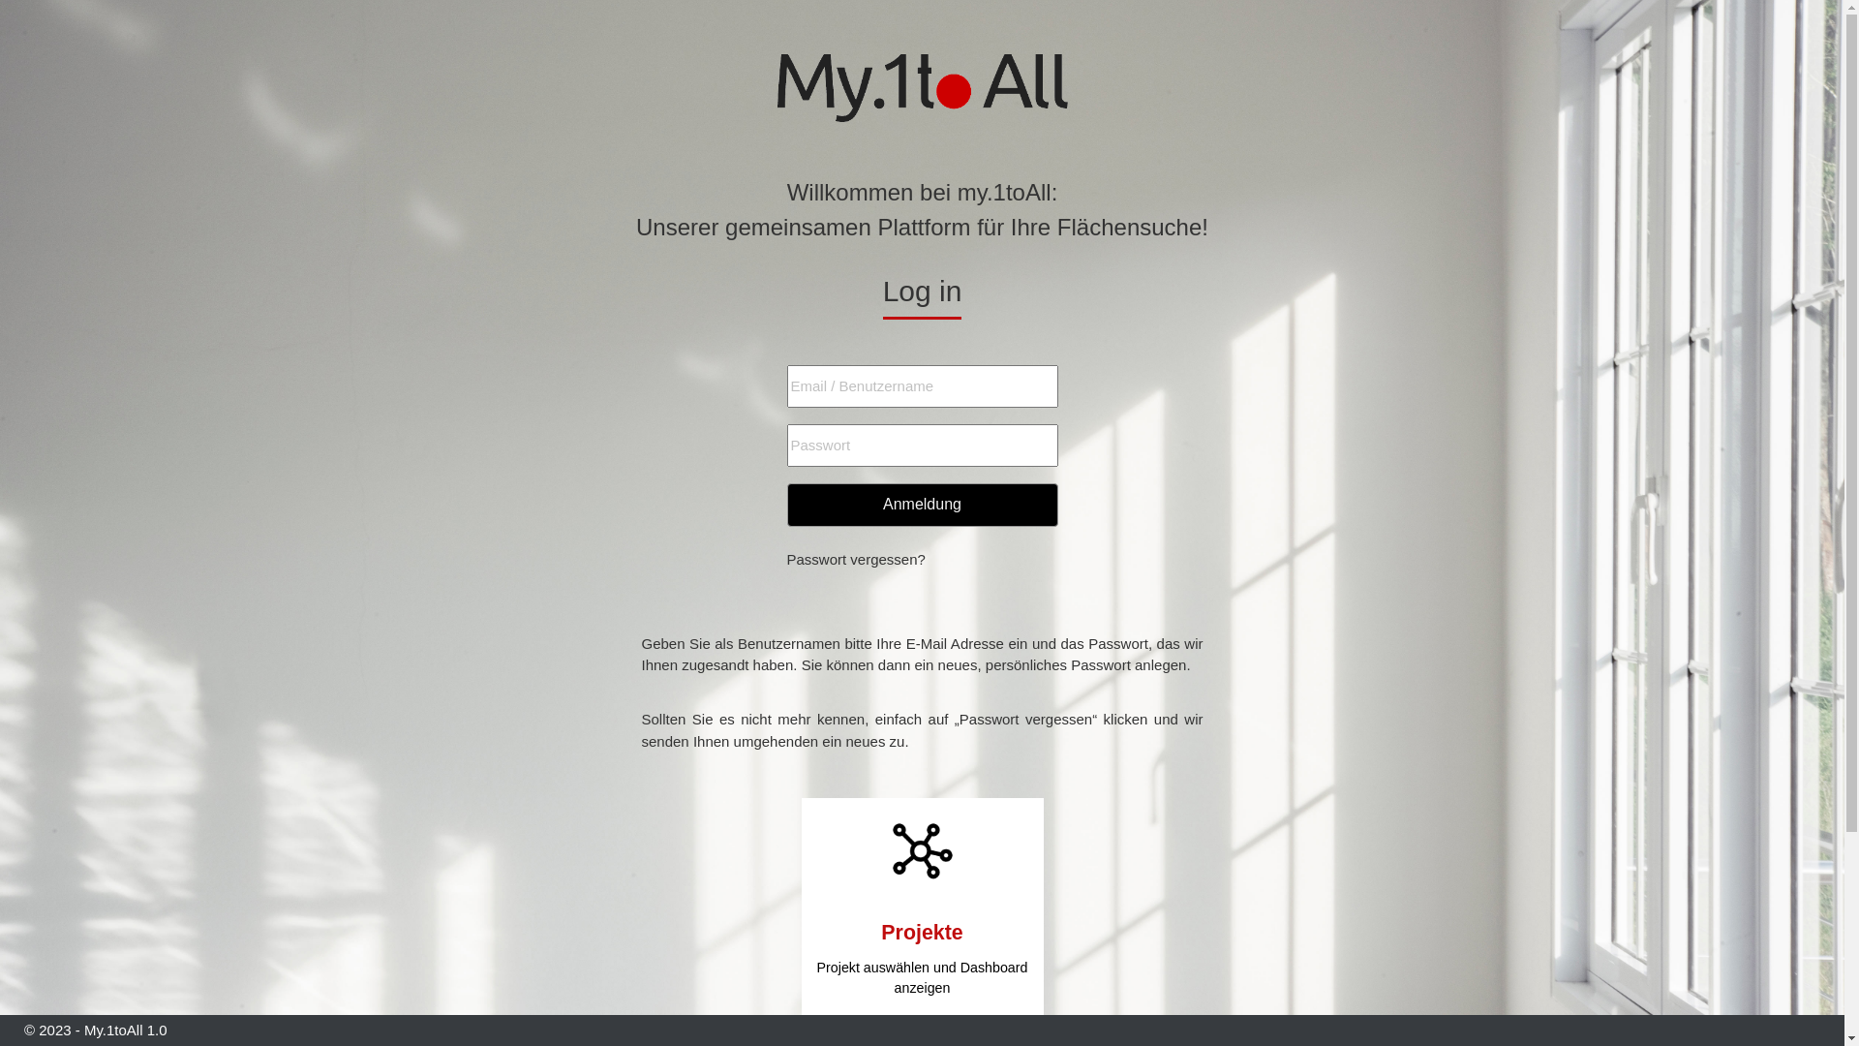 The image size is (1859, 1046). What do you see at coordinates (920, 504) in the screenshot?
I see `'Anmeldung'` at bounding box center [920, 504].